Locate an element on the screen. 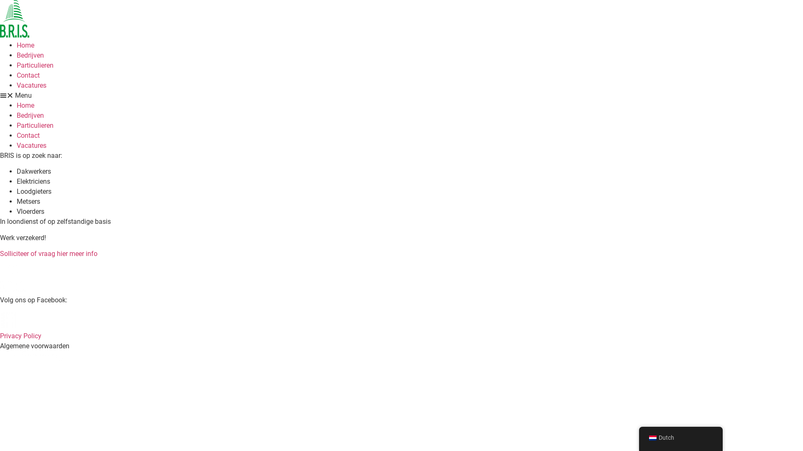 The image size is (803, 451). 'Particulieren' is located at coordinates (16, 125).